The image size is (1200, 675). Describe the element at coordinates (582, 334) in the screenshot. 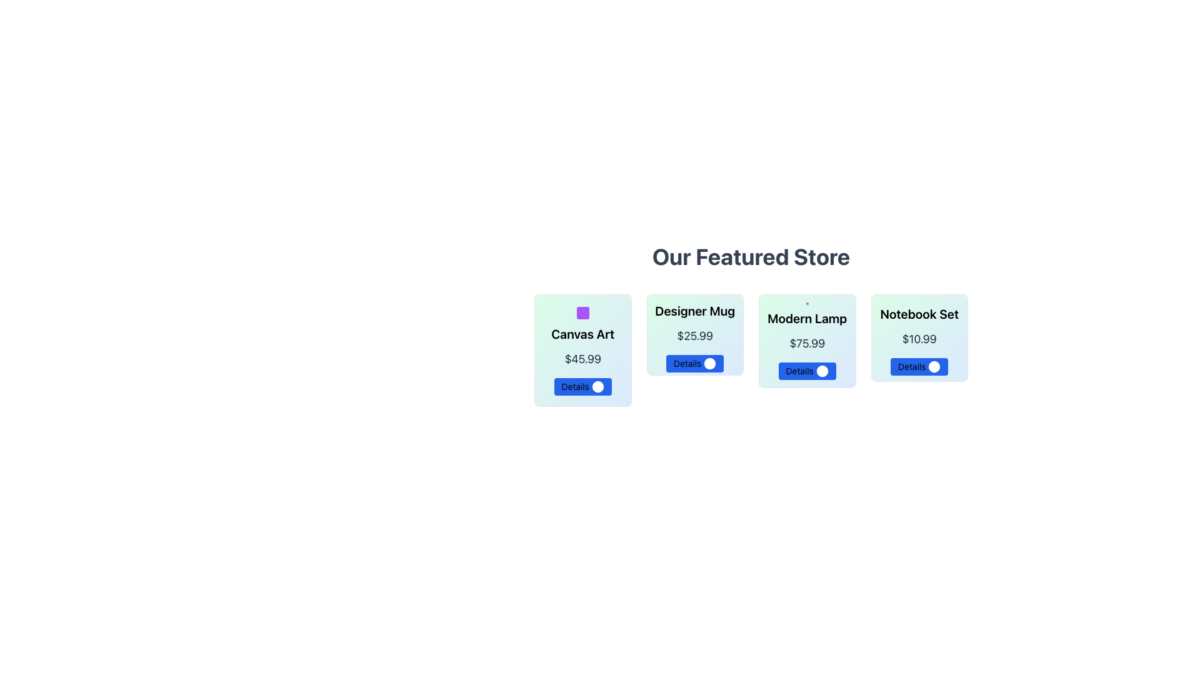

I see `the text label indicating the product name 'Canvas Art', which is centrally aligned within its card layout and positioned in the upper half below a decorative icon` at that location.